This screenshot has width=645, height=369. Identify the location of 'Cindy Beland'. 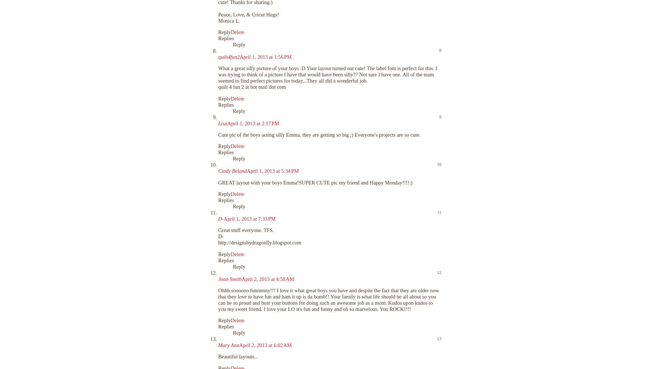
(232, 171).